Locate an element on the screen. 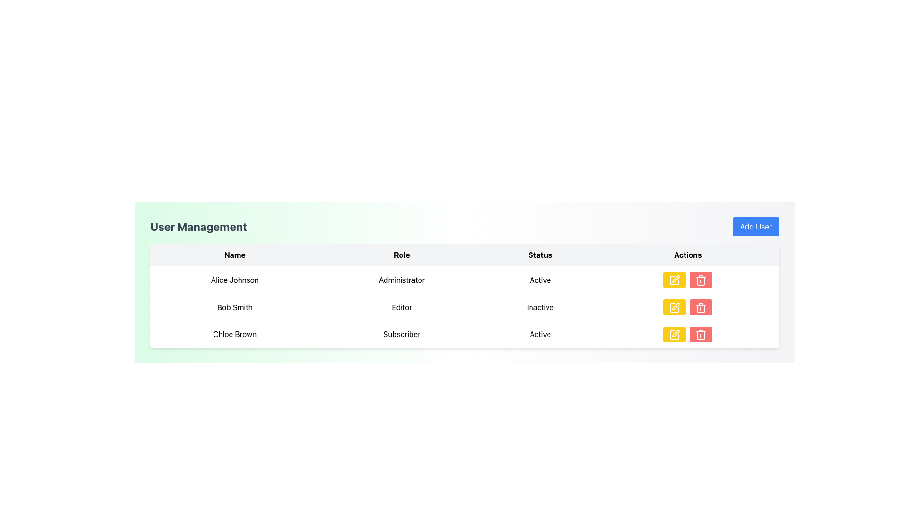 Image resolution: width=907 pixels, height=510 pixels. the yellow edit button icon with a pen symbol located in the Actions column for Chloe Brown is located at coordinates (674, 334).